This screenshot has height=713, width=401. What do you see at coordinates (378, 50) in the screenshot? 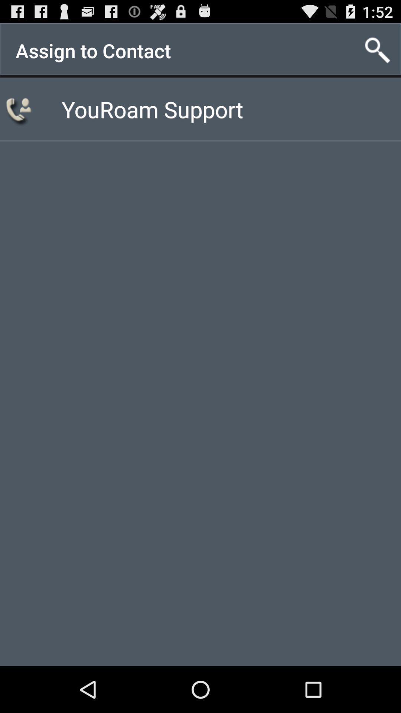
I see `the item next to assign to contact` at bounding box center [378, 50].